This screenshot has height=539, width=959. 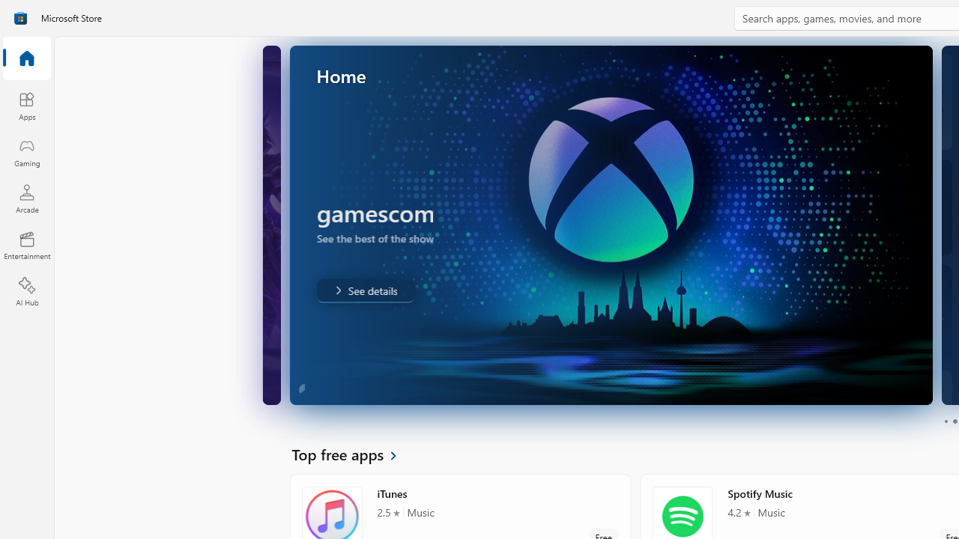 What do you see at coordinates (20, 18) in the screenshot?
I see `'Class: Image'` at bounding box center [20, 18].